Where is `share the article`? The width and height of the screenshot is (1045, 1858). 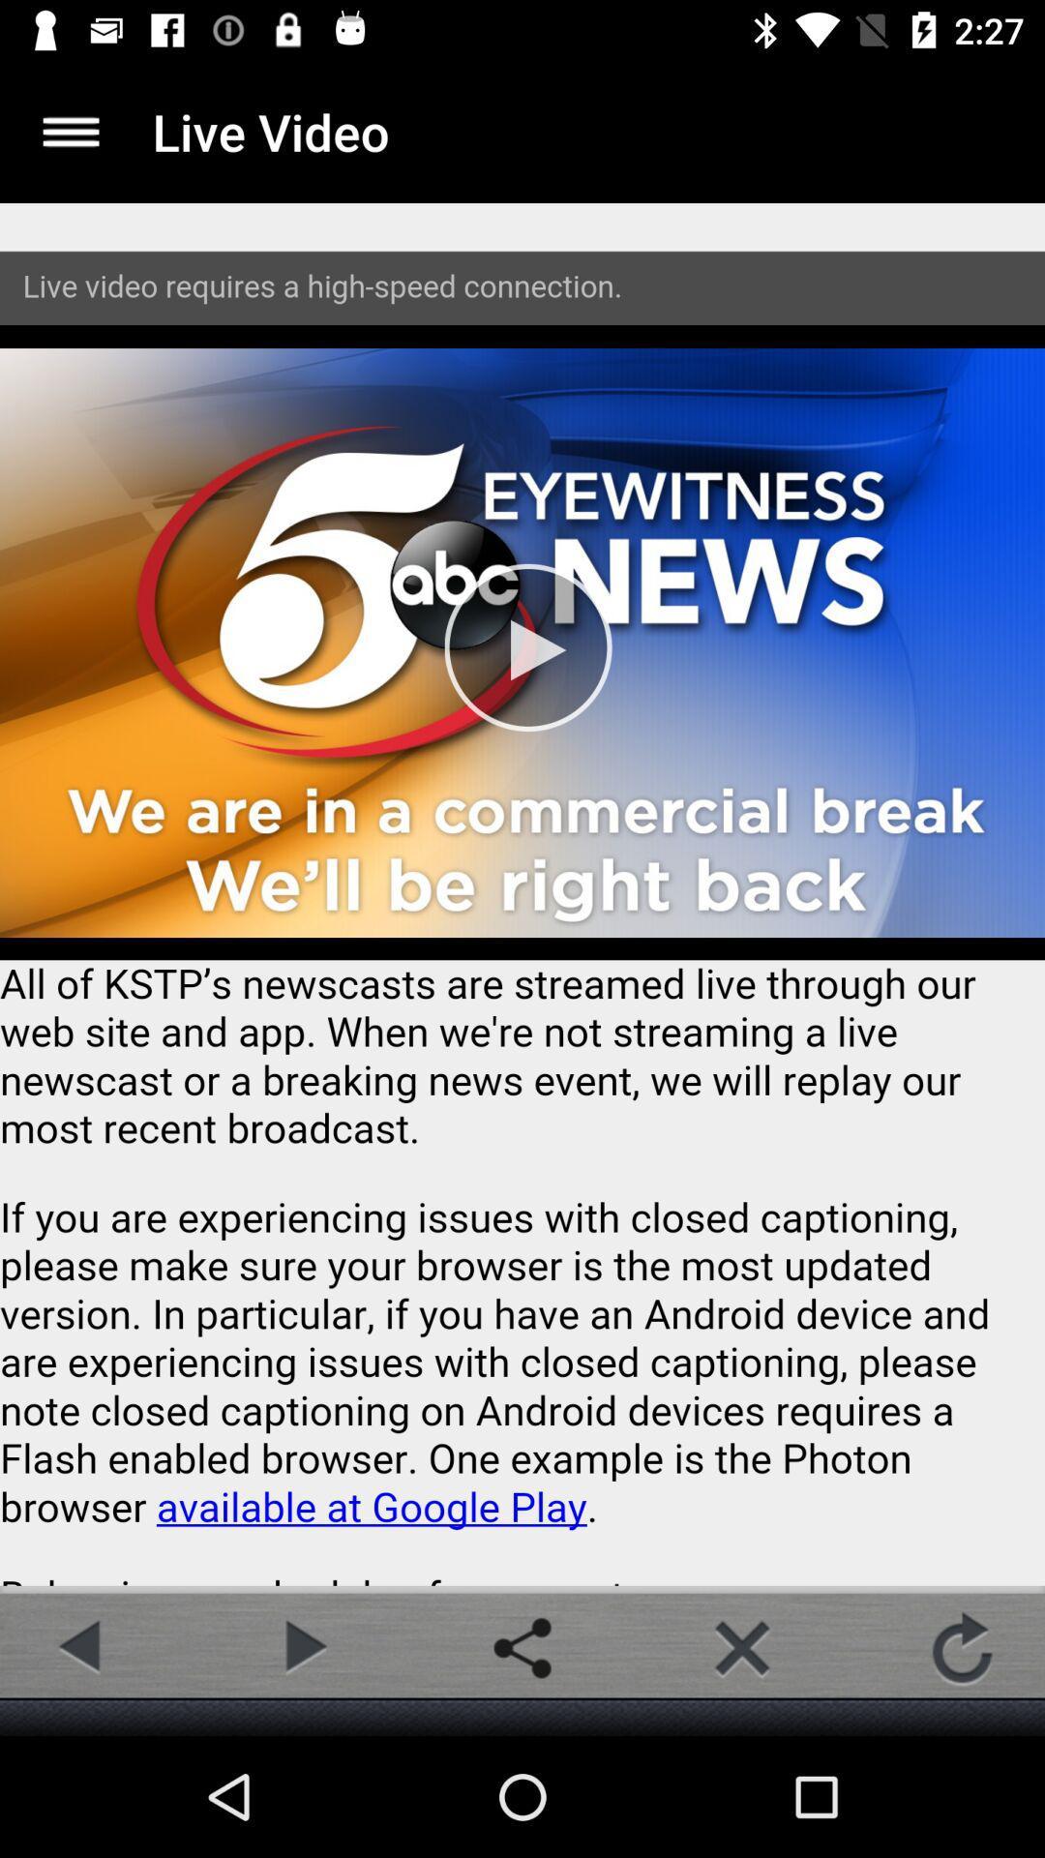 share the article is located at coordinates (522, 1647).